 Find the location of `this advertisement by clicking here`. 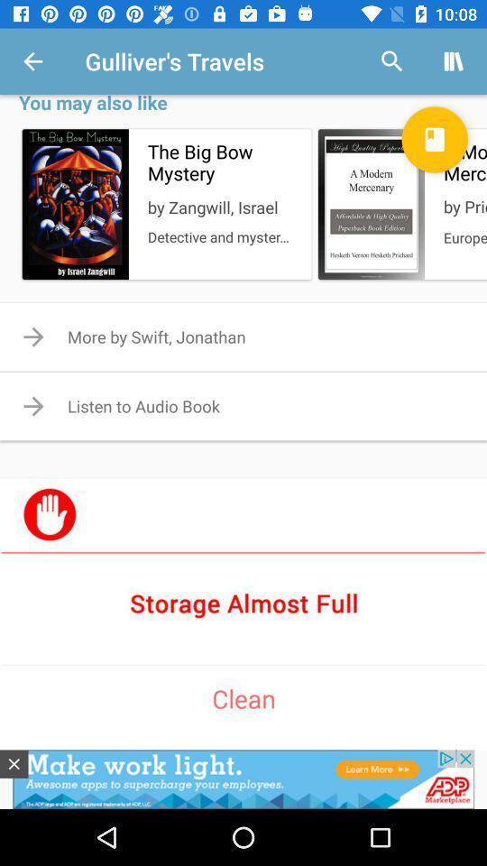

this advertisement by clicking here is located at coordinates (13, 763).